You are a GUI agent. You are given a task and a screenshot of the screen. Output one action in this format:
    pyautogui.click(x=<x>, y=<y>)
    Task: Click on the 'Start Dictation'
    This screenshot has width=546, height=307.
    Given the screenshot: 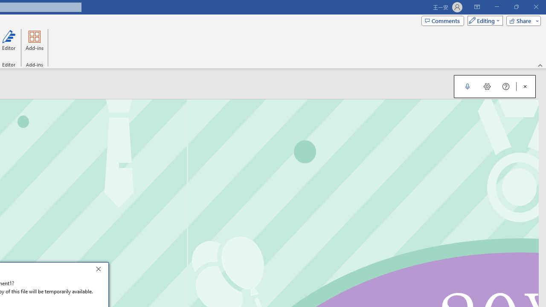 What is the action you would take?
    pyautogui.click(x=467, y=87)
    